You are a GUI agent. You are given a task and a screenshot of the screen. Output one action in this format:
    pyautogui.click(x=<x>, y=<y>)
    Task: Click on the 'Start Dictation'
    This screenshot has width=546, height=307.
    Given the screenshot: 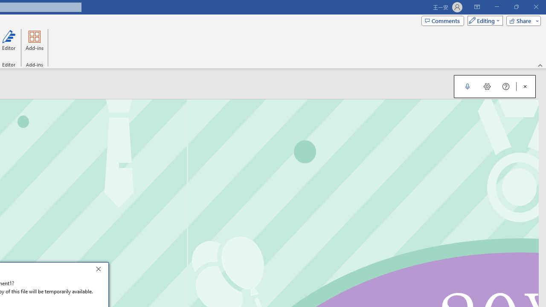 What is the action you would take?
    pyautogui.click(x=467, y=87)
    